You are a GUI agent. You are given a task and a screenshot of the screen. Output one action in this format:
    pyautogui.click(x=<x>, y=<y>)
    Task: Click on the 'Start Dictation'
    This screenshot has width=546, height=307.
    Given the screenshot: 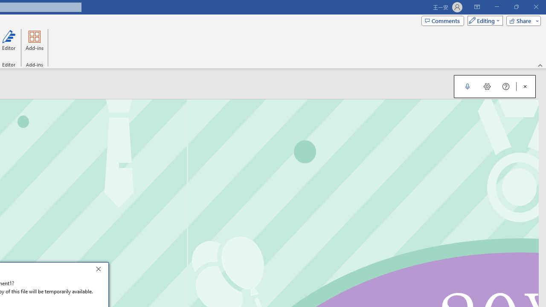 What is the action you would take?
    pyautogui.click(x=467, y=87)
    